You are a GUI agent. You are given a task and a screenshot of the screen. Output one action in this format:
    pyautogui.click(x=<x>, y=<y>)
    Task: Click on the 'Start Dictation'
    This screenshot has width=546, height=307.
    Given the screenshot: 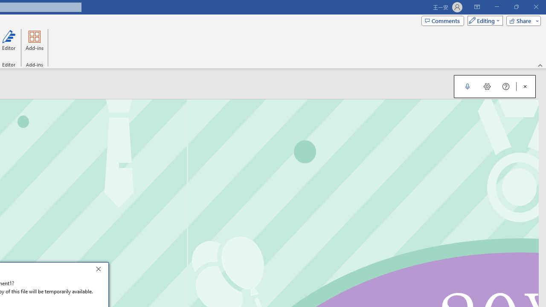 What is the action you would take?
    pyautogui.click(x=467, y=87)
    